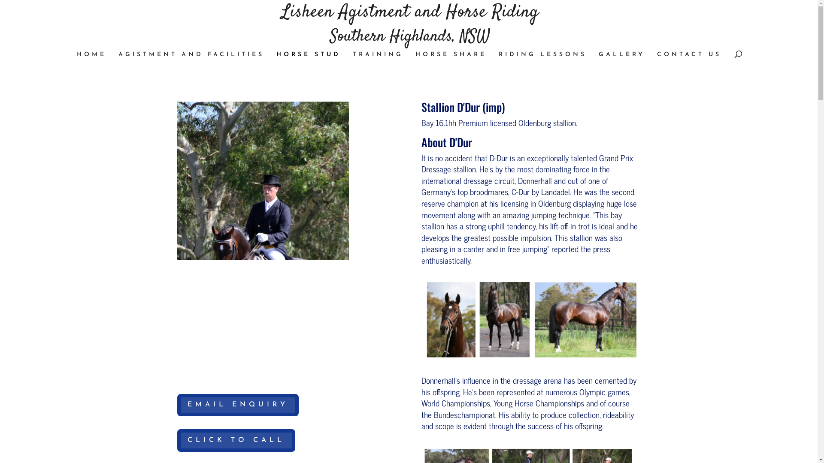 The height and width of the screenshot is (463, 824). Describe the element at coordinates (191, 59) in the screenshot. I see `'AGISTMENT AND FACILITIES'` at that location.